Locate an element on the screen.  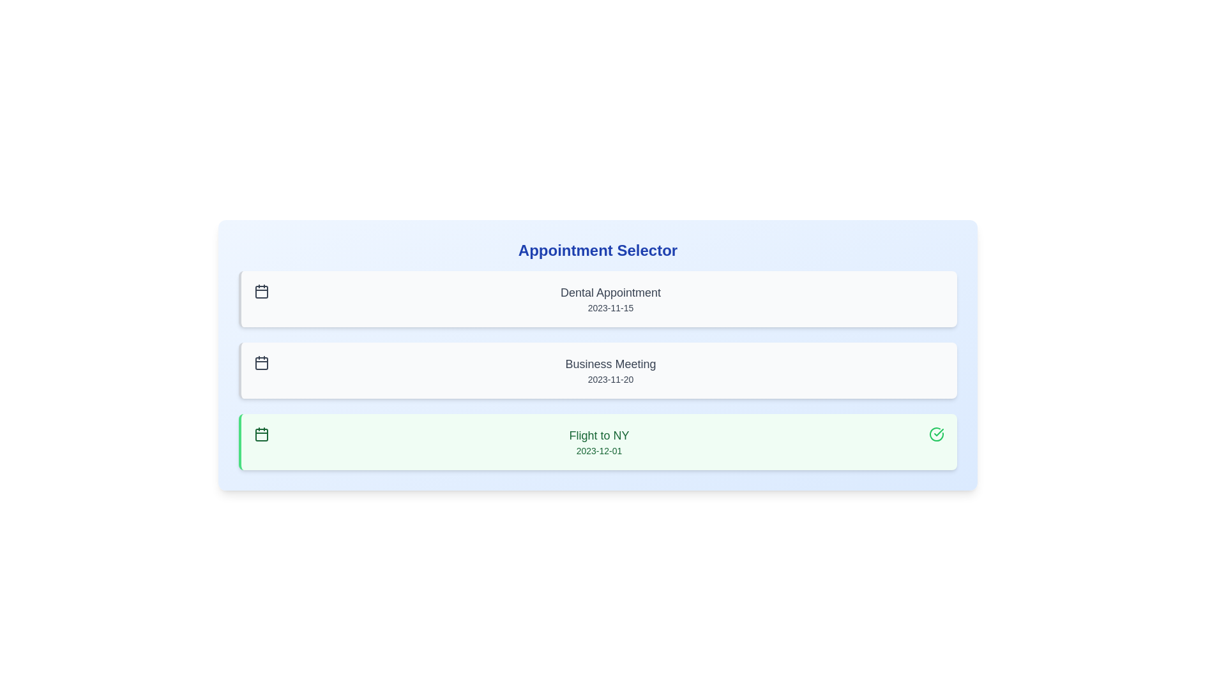
the appointment with description 'Business Meeting' is located at coordinates (597, 371).